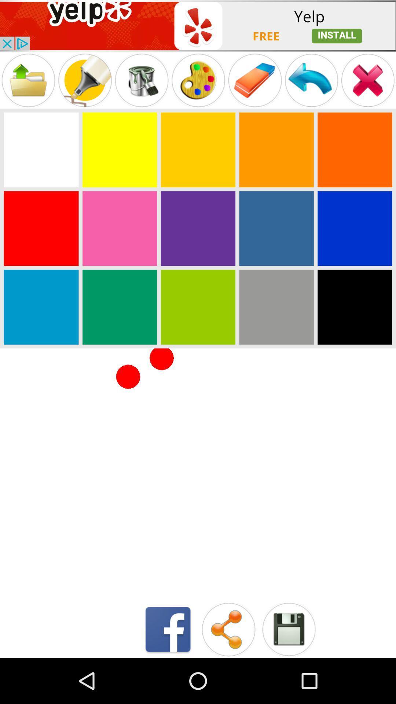  I want to click on the label icon, so click(254, 86).